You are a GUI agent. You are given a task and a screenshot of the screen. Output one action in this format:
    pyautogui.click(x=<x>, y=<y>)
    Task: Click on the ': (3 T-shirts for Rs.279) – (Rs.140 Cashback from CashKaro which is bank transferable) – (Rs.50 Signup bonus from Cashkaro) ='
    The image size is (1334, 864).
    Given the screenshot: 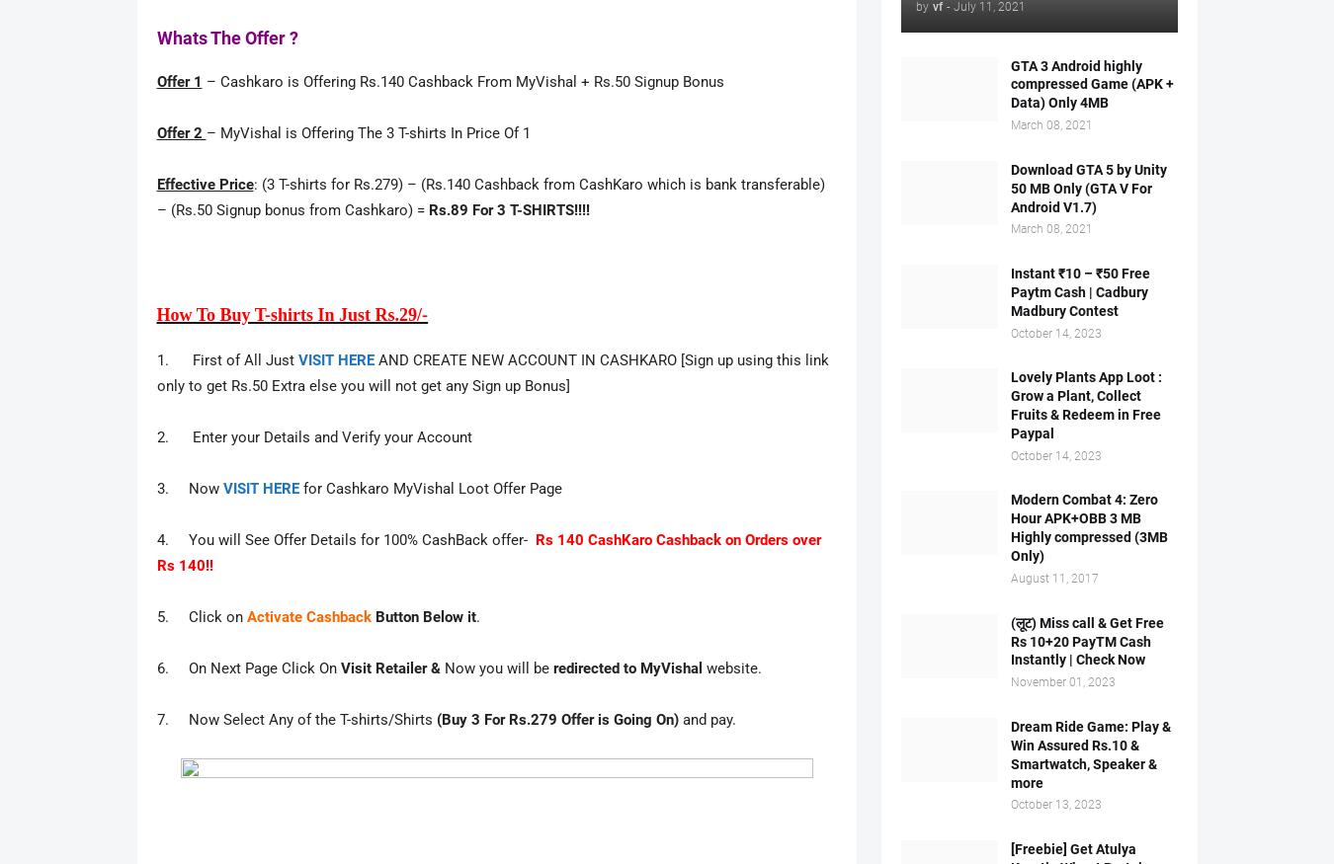 What is the action you would take?
    pyautogui.click(x=488, y=197)
    